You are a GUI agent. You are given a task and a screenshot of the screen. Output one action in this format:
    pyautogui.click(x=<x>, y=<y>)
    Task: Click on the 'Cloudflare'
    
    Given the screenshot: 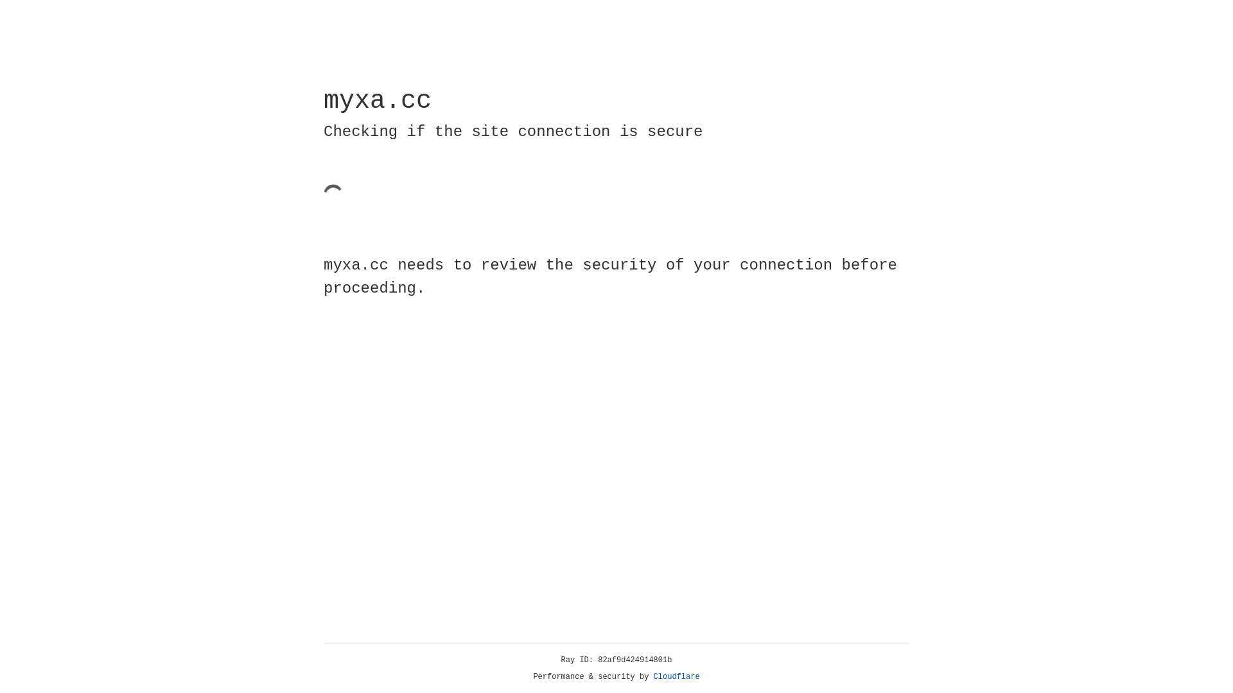 What is the action you would take?
    pyautogui.click(x=676, y=676)
    